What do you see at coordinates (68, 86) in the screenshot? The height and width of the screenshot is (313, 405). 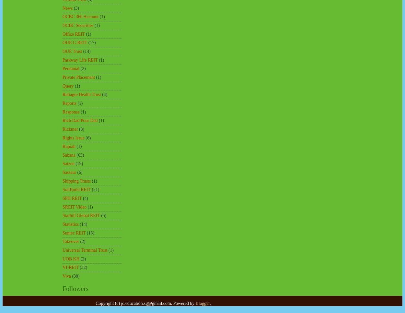 I see `'Query'` at bounding box center [68, 86].